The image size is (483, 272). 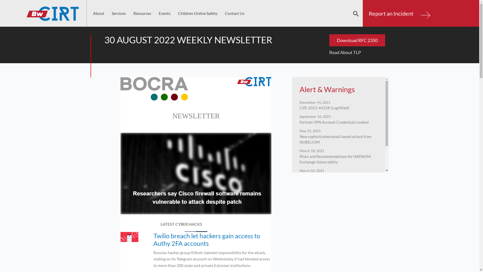 What do you see at coordinates (154, 88) in the screenshot?
I see `'BOCRA website'` at bounding box center [154, 88].